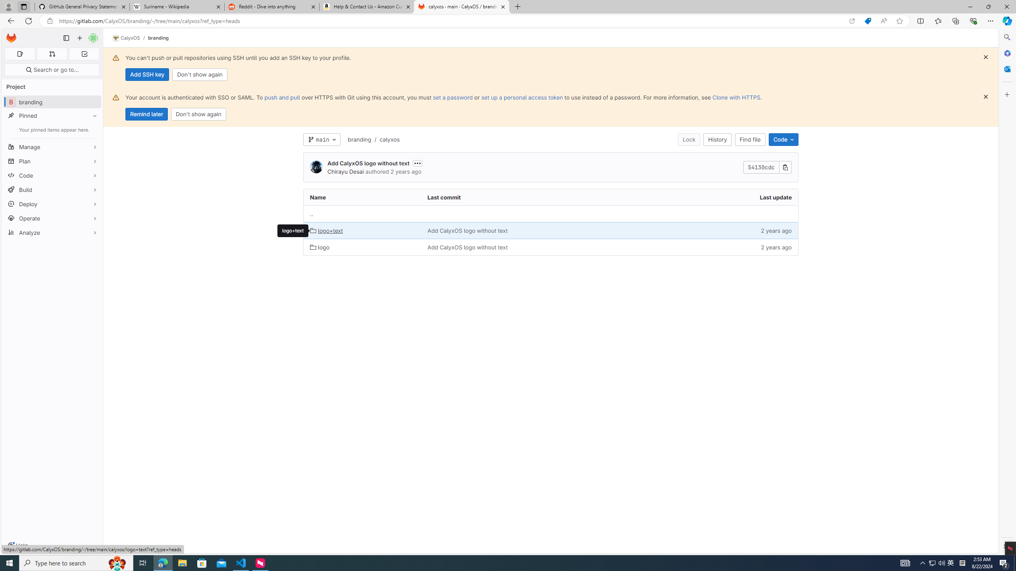 The height and width of the screenshot is (571, 1016). Describe the element at coordinates (130, 38) in the screenshot. I see `'CalyxOS/'` at that location.